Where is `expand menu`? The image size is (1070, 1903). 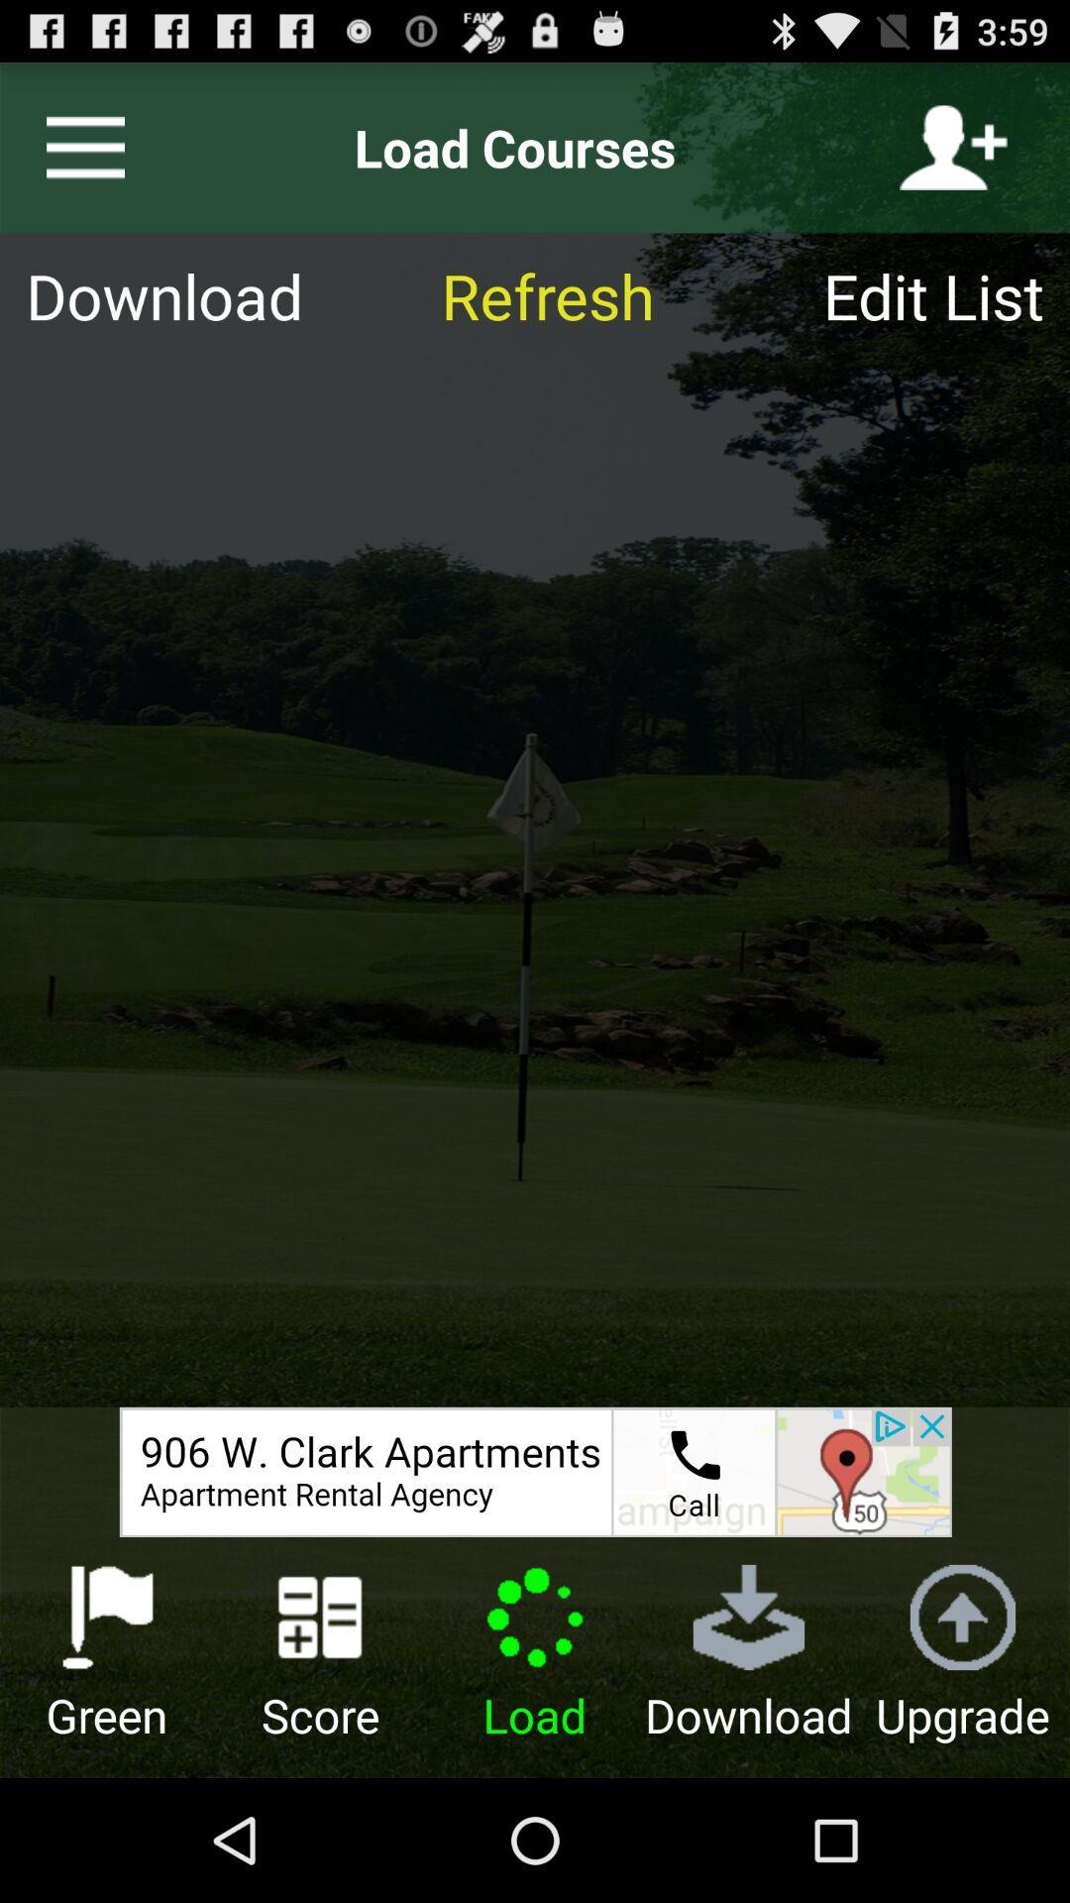
expand menu is located at coordinates (76, 147).